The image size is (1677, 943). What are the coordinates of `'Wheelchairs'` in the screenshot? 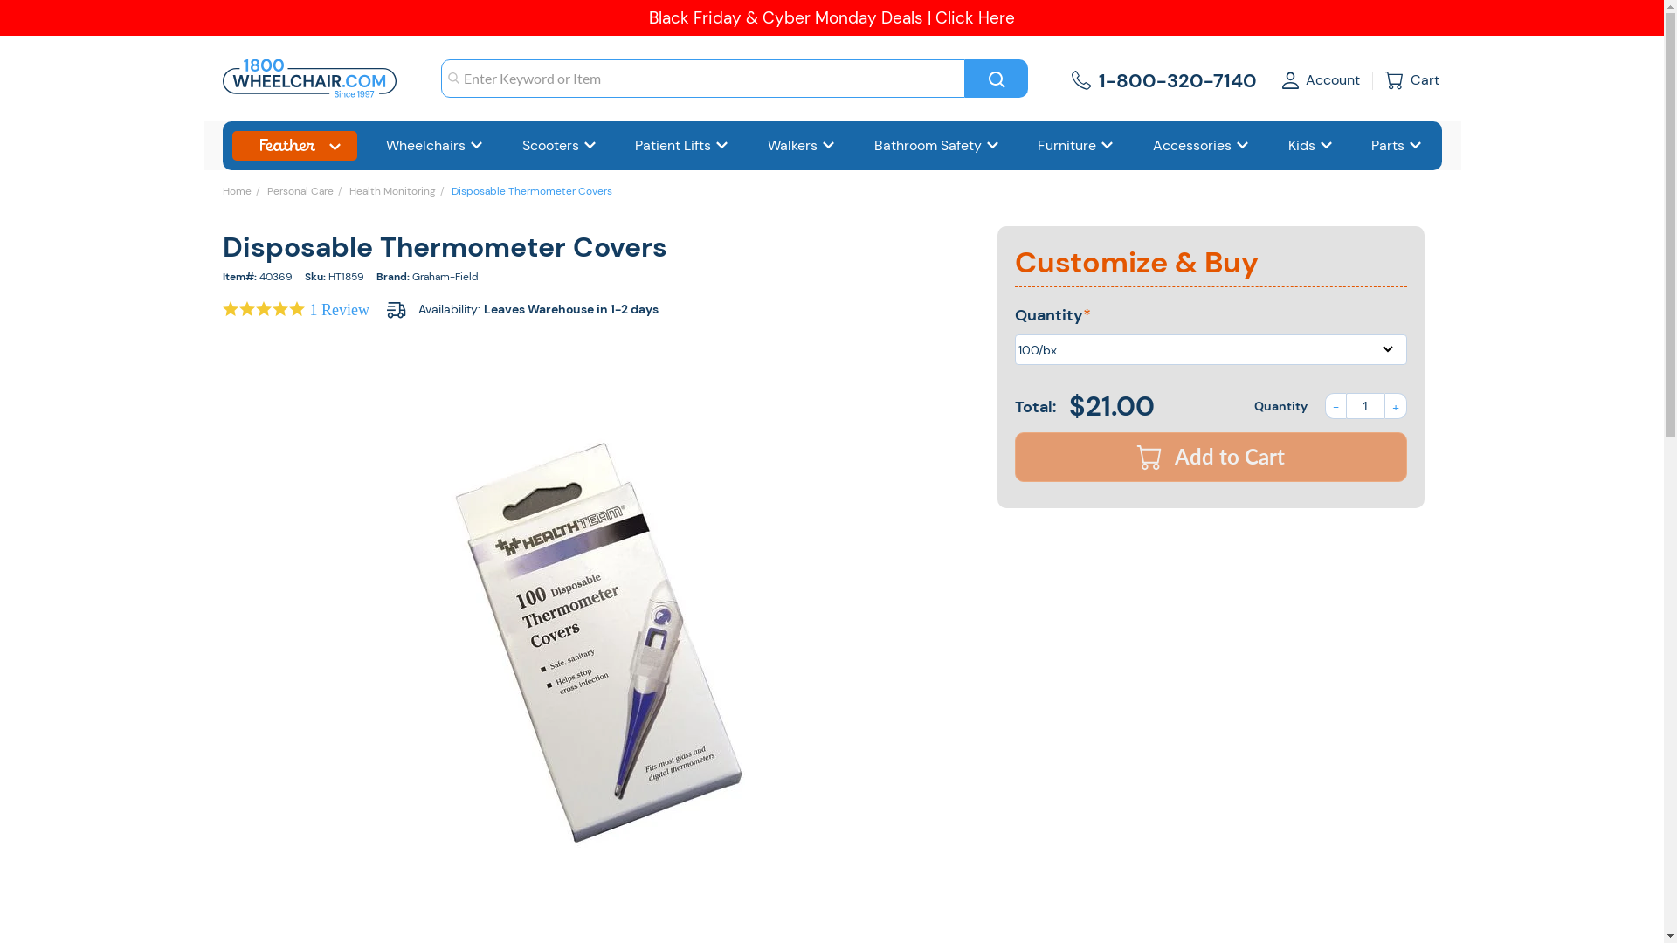 It's located at (435, 145).